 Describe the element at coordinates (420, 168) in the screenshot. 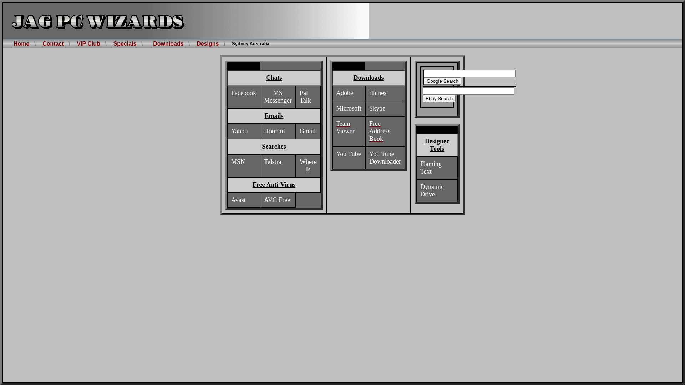

I see `'Flaming Text       '` at that location.